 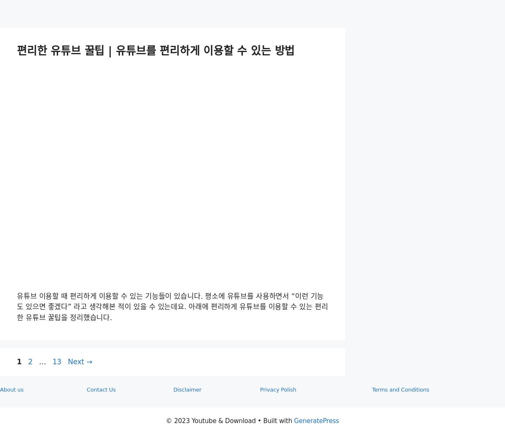 What do you see at coordinates (294, 420) in the screenshot?
I see `'GeneratePress'` at bounding box center [294, 420].